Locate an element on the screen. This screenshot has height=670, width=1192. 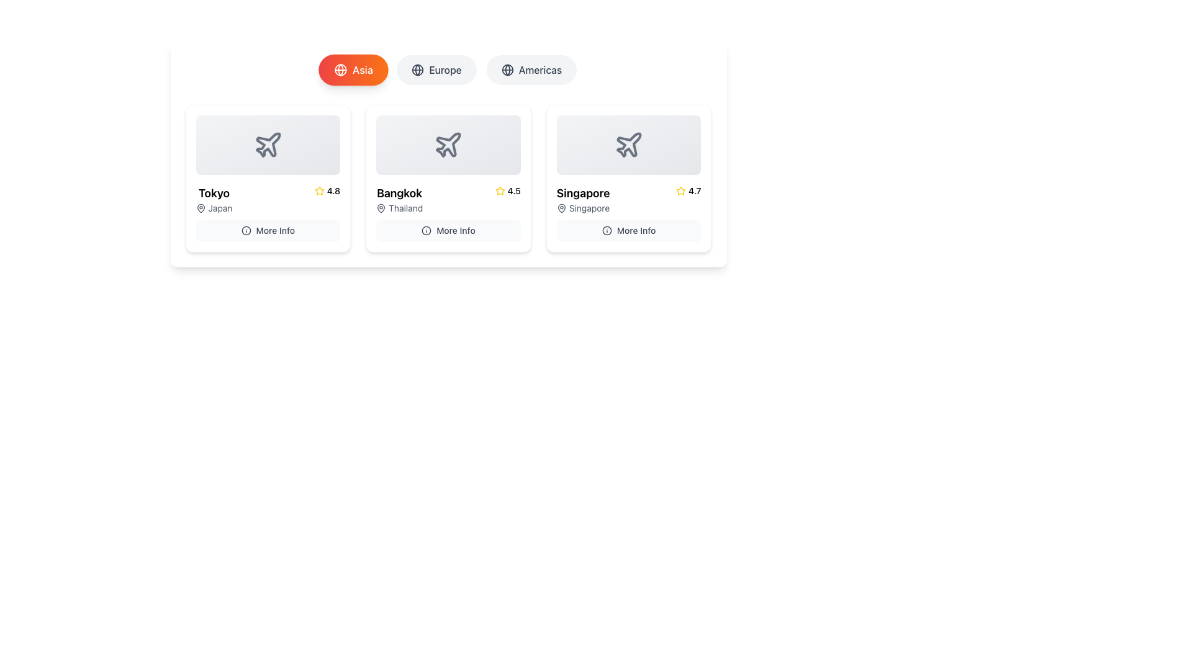
rating value visually from the star icon and the adjacent text '4.8' in the Rating indicator located in the card labeled 'Tokyo' at the top-right corner is located at coordinates (327, 191).